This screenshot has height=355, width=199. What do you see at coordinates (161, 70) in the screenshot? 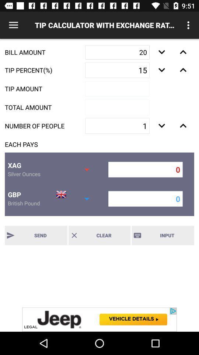
I see `the expand_more icon` at bounding box center [161, 70].